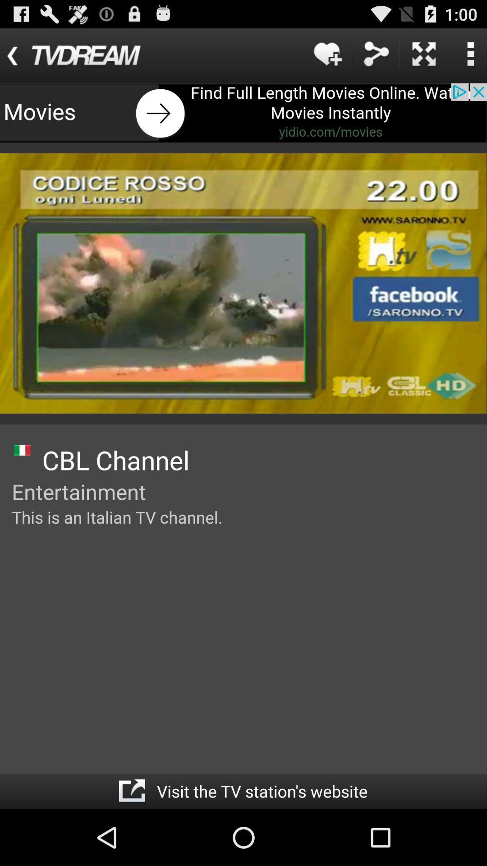 This screenshot has width=487, height=866. I want to click on the more icon, so click(470, 57).